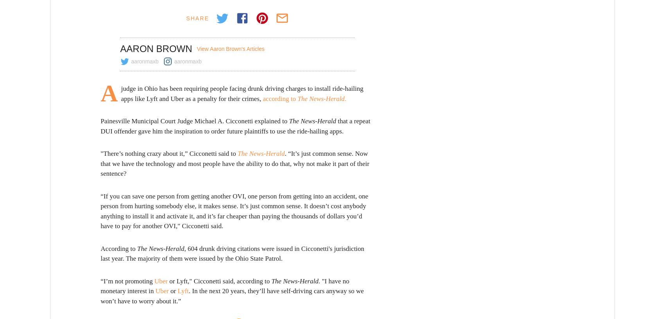  What do you see at coordinates (280, 98) in the screenshot?
I see `'according to'` at bounding box center [280, 98].